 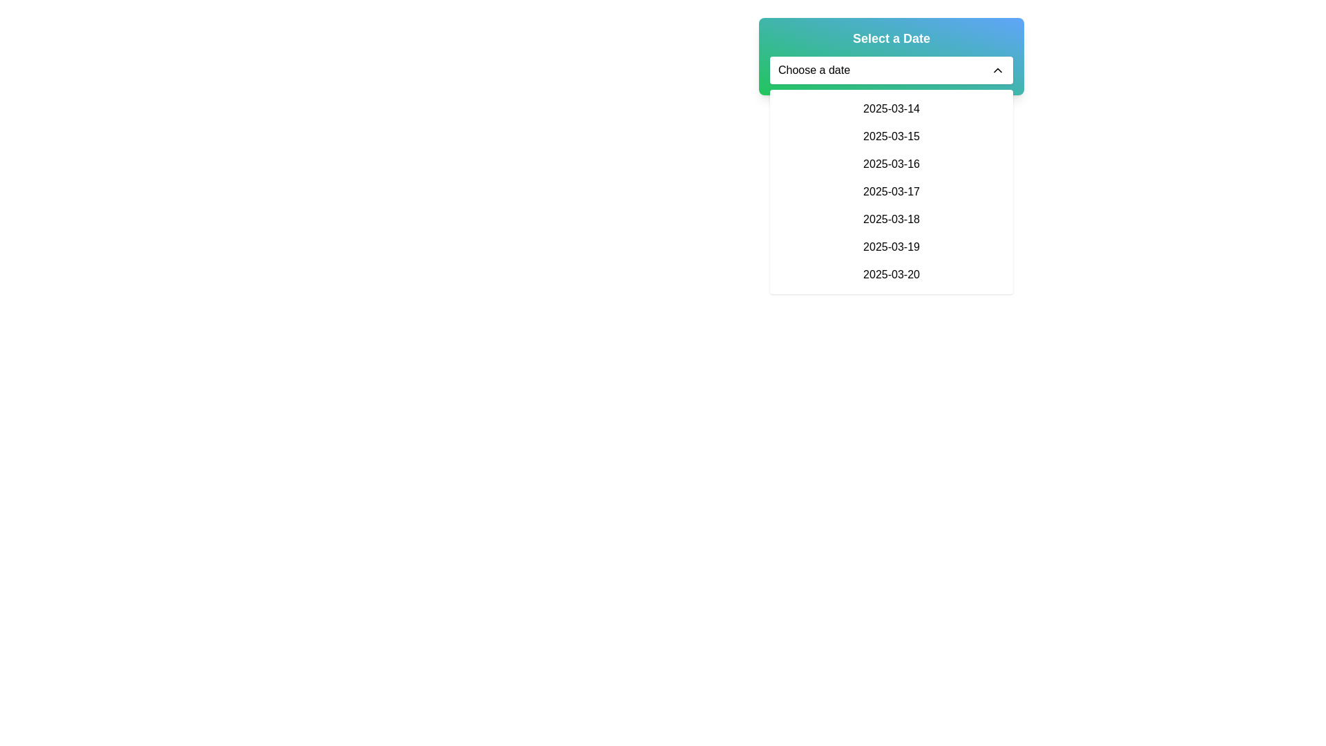 I want to click on the Text Label in the date selection dropdown that indicates the user can choose a date, which is positioned to the left of the chevron icon, so click(x=814, y=70).